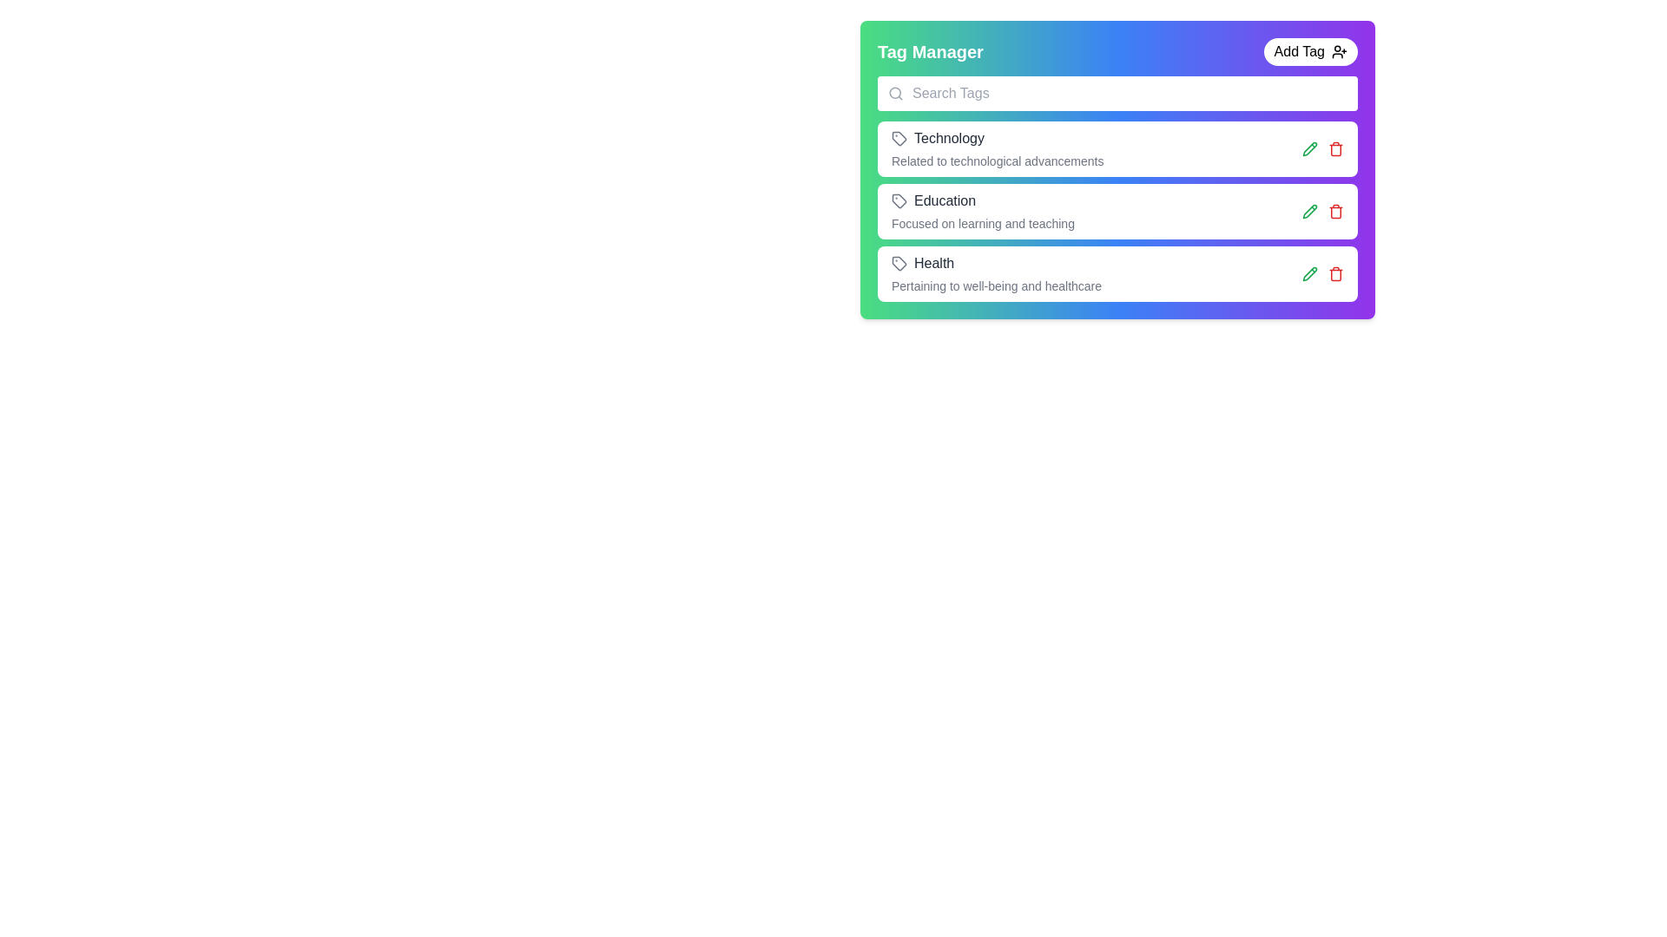 This screenshot has width=1667, height=937. What do you see at coordinates (899, 264) in the screenshot?
I see `the tag icon representing the 'Health' category in the tag management panel, which is a polygonal shape with a gray outline located next to the text 'Health.'` at bounding box center [899, 264].